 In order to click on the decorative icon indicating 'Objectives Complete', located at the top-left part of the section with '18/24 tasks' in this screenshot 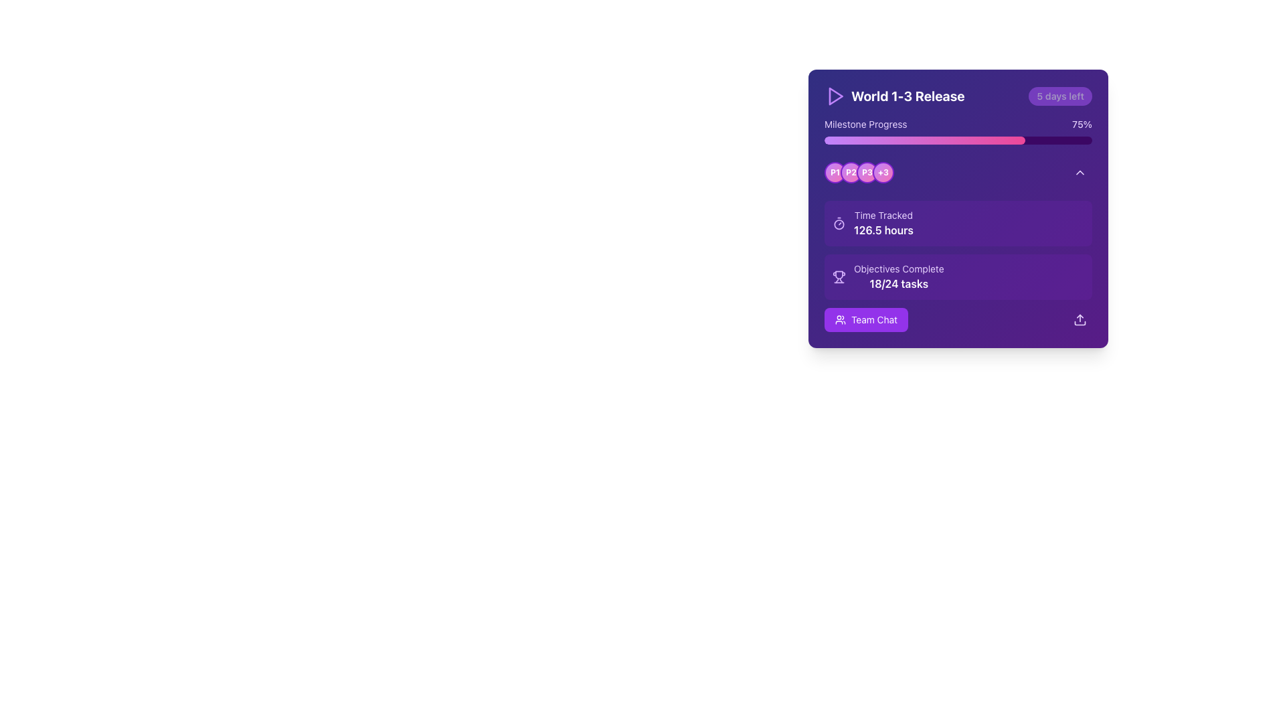, I will do `click(838, 276)`.